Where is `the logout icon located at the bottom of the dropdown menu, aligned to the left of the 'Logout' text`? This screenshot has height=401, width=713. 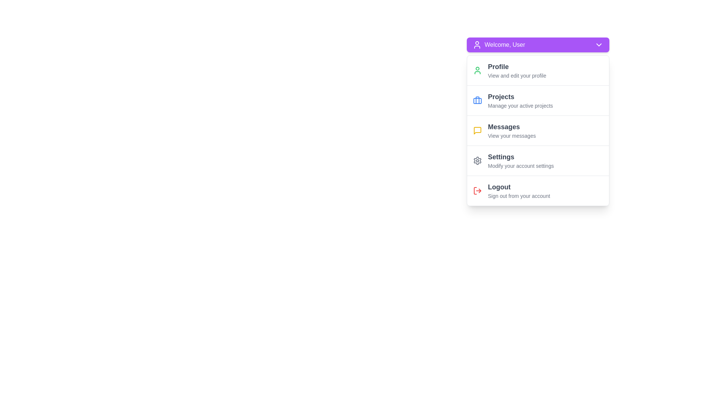
the logout icon located at the bottom of the dropdown menu, aligned to the left of the 'Logout' text is located at coordinates (478, 190).